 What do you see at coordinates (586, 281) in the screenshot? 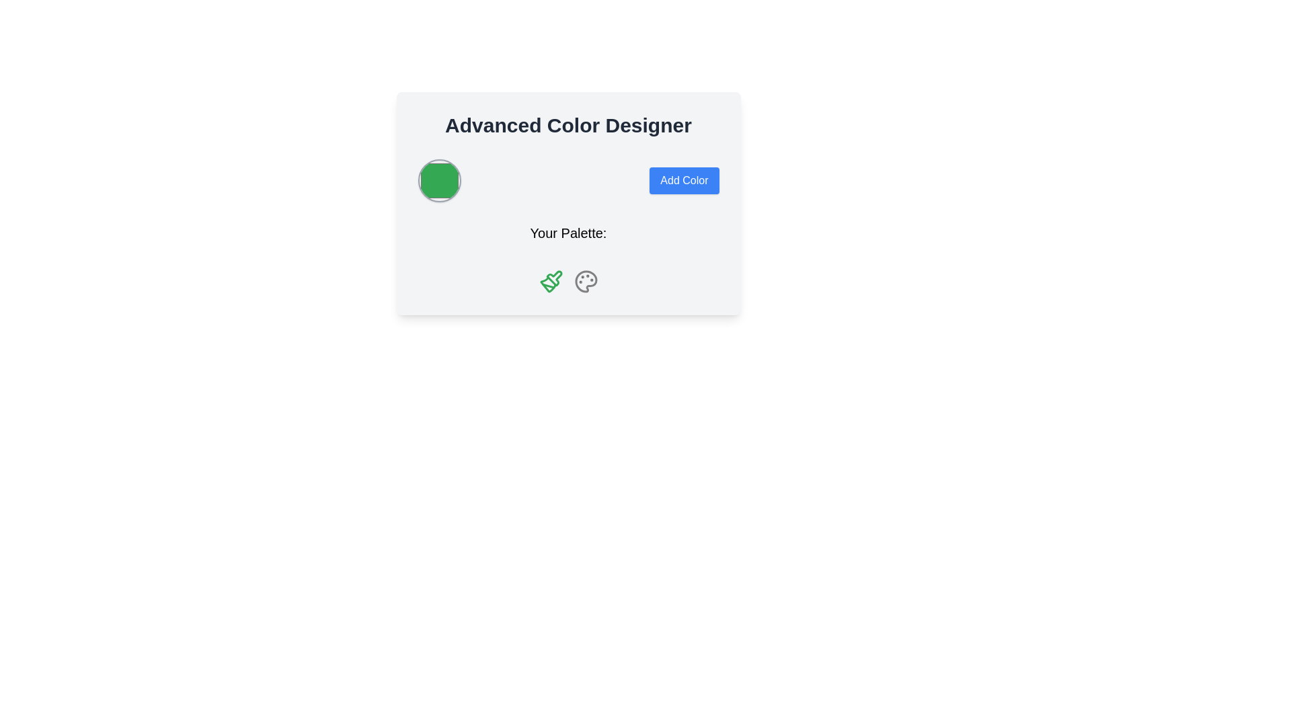
I see `the graphical icon representing a palette, located directly to the right of the leaf icon and below the 'Your Palette' label` at bounding box center [586, 281].